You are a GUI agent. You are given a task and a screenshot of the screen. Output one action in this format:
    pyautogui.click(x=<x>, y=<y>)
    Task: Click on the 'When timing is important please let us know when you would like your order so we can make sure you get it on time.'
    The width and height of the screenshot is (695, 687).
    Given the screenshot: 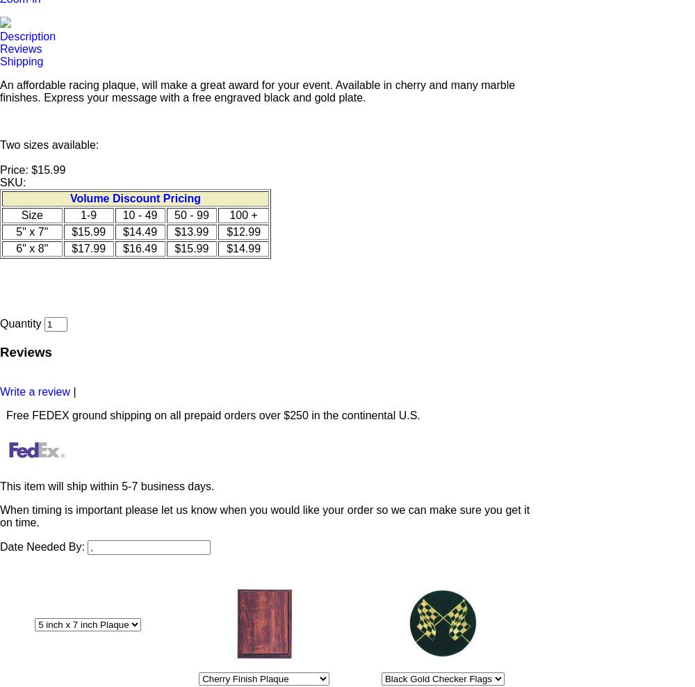 What is the action you would take?
    pyautogui.click(x=0, y=515)
    